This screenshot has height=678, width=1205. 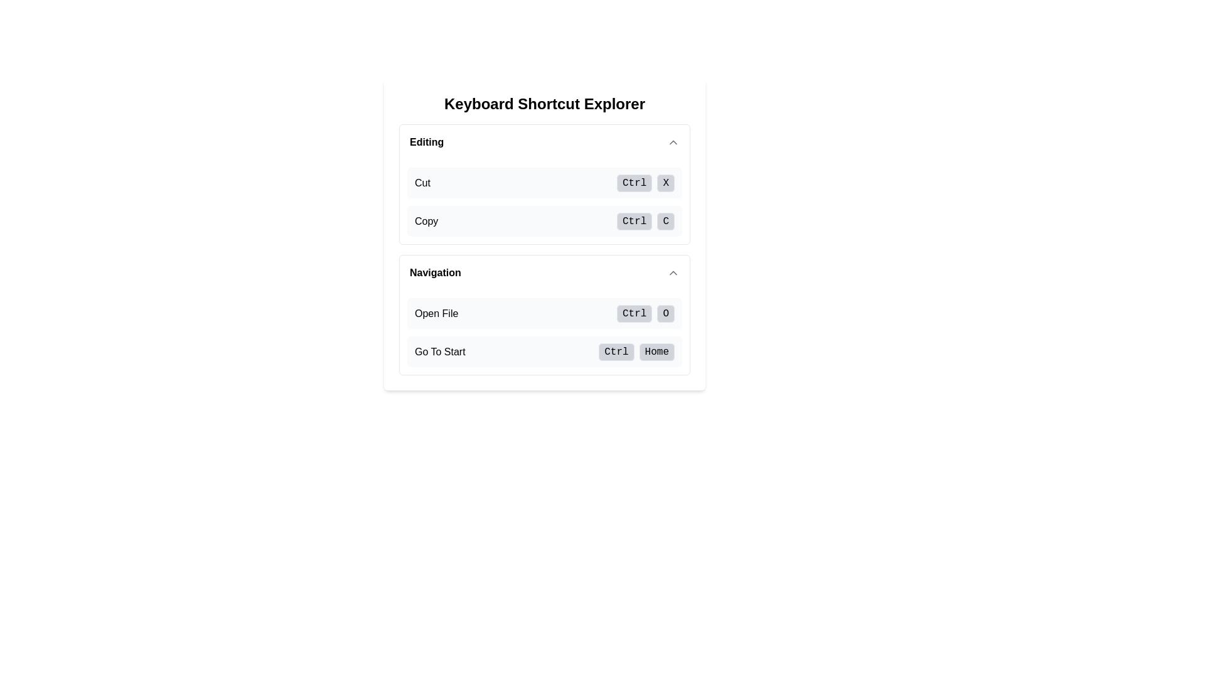 I want to click on text label that serves as a section header, visually categorizing its location within the navigation panel, so click(x=435, y=272).